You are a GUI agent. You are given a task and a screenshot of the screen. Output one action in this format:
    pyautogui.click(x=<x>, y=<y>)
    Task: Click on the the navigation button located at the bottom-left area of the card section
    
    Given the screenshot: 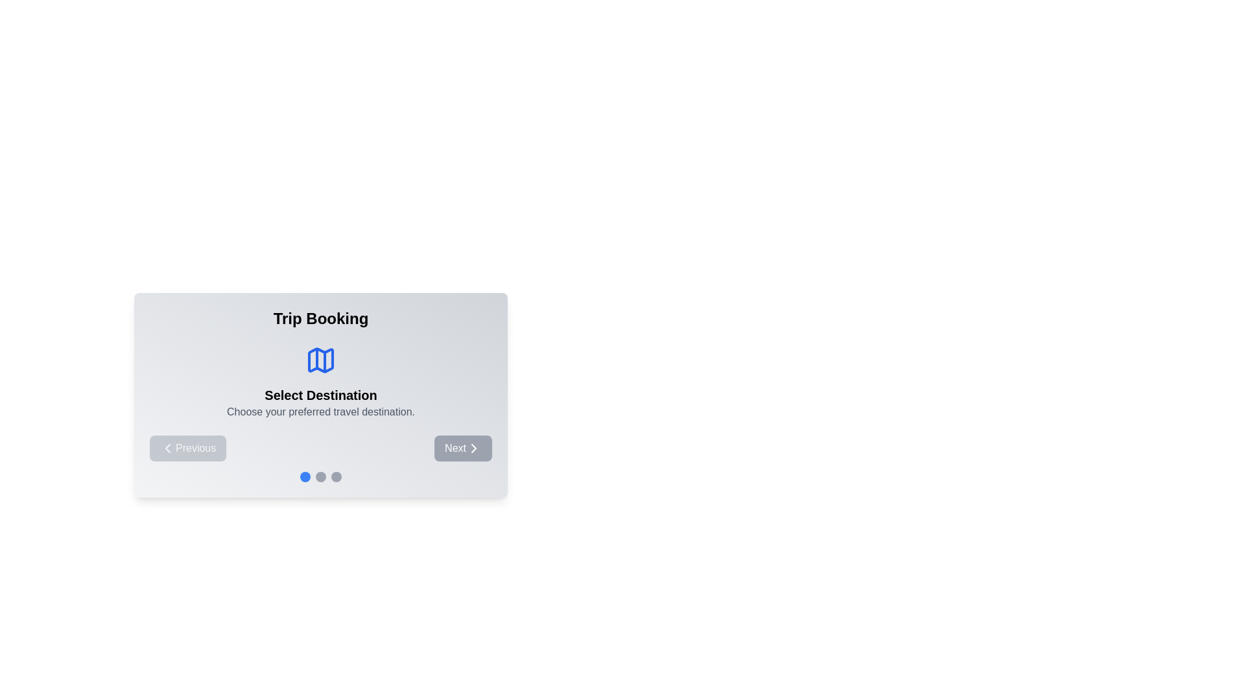 What is the action you would take?
    pyautogui.click(x=187, y=447)
    